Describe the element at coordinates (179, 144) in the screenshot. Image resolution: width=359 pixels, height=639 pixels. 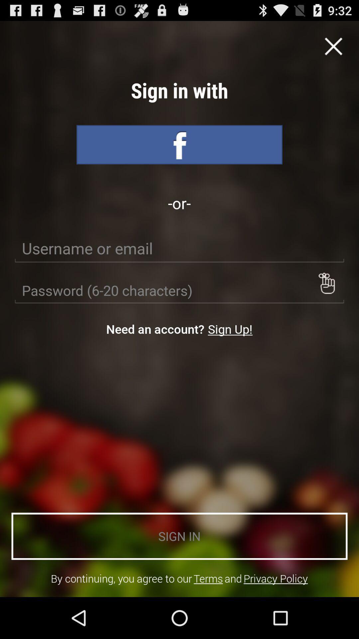
I see `sign into facebook` at that location.